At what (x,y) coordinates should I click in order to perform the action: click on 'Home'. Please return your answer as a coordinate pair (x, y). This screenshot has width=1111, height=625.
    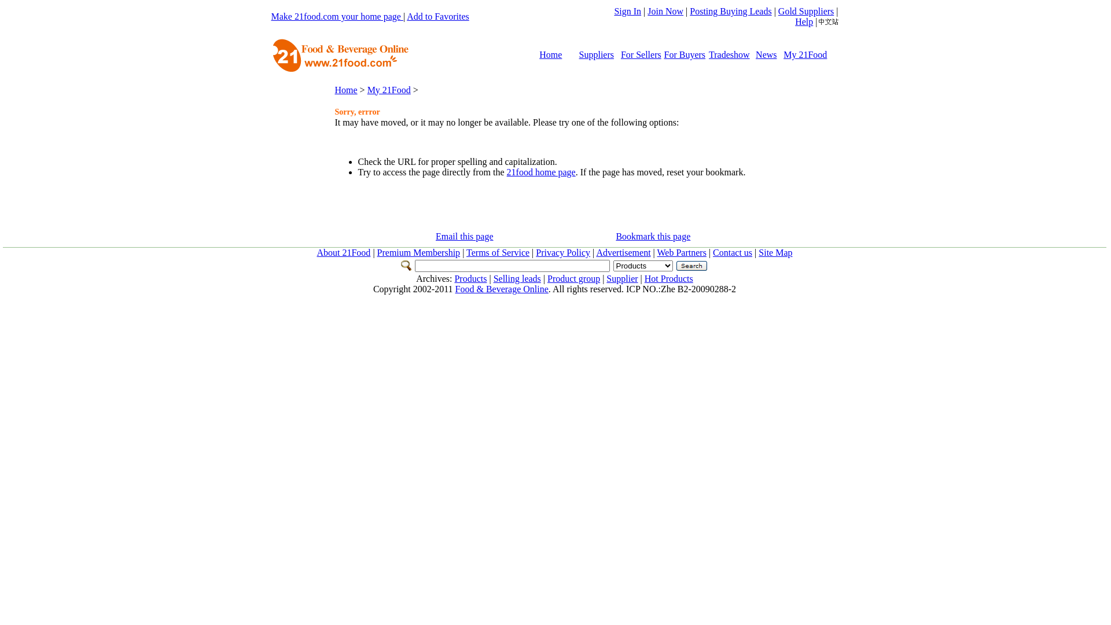
    Looking at the image, I should click on (345, 89).